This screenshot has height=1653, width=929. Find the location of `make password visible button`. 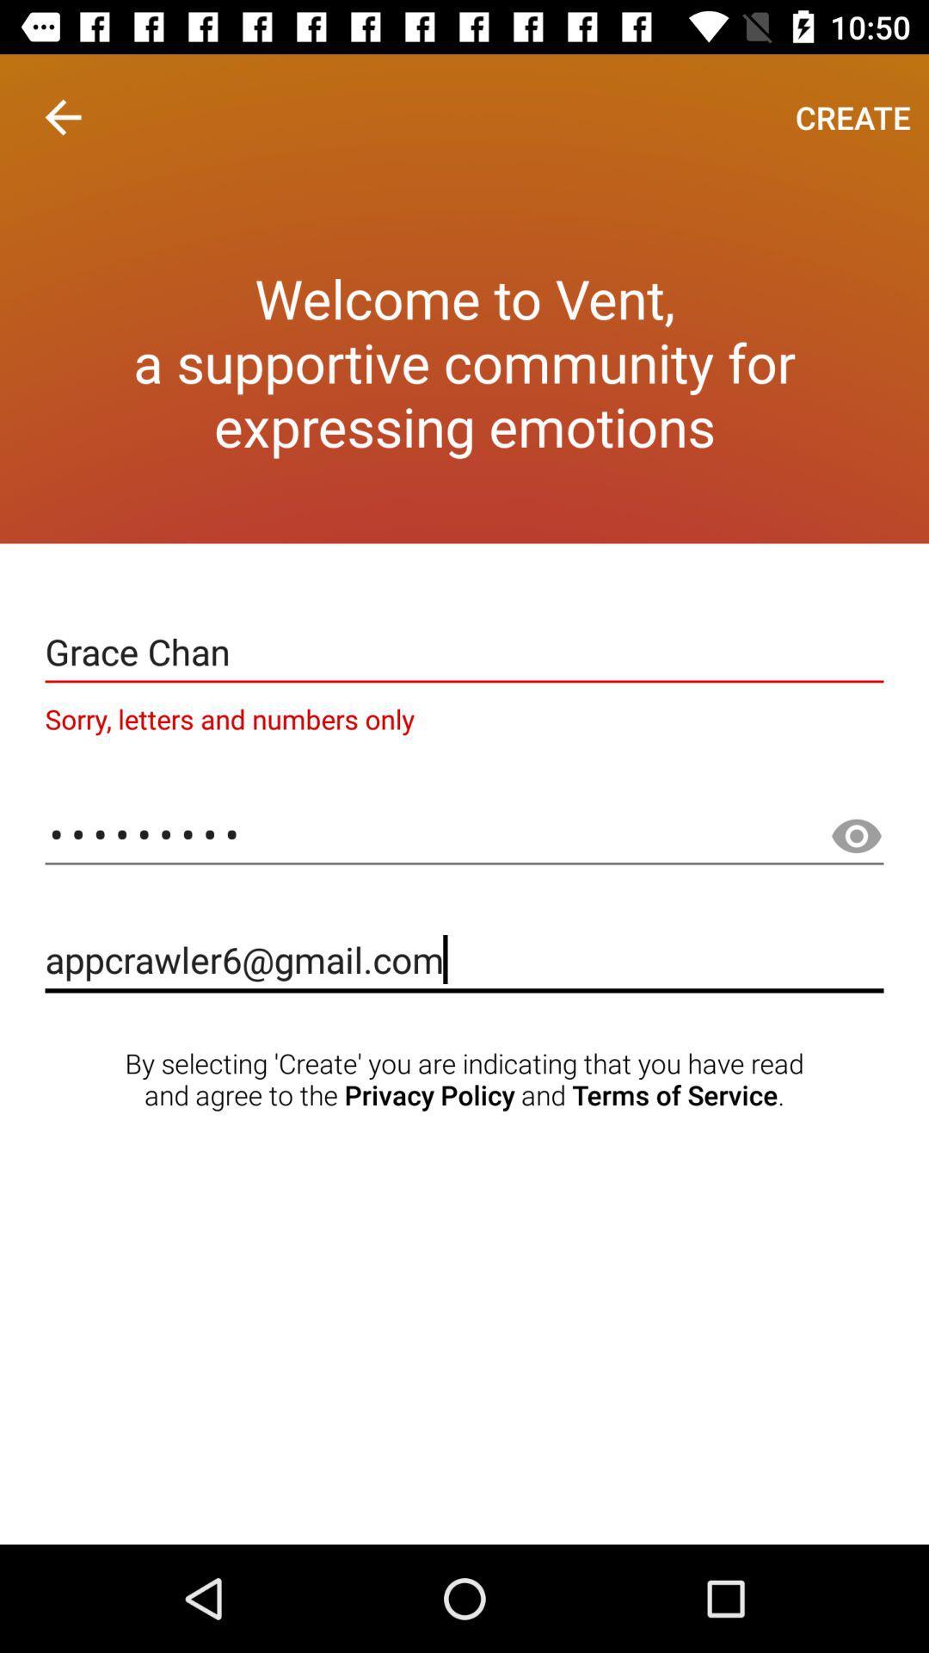

make password visible button is located at coordinates (856, 837).